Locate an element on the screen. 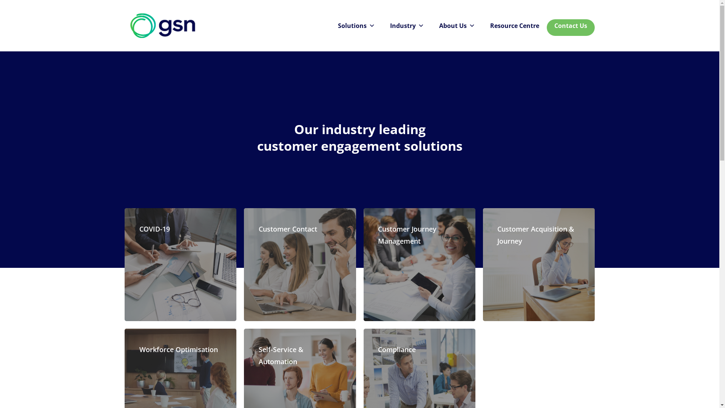  'Contact Us' is located at coordinates (571, 25).